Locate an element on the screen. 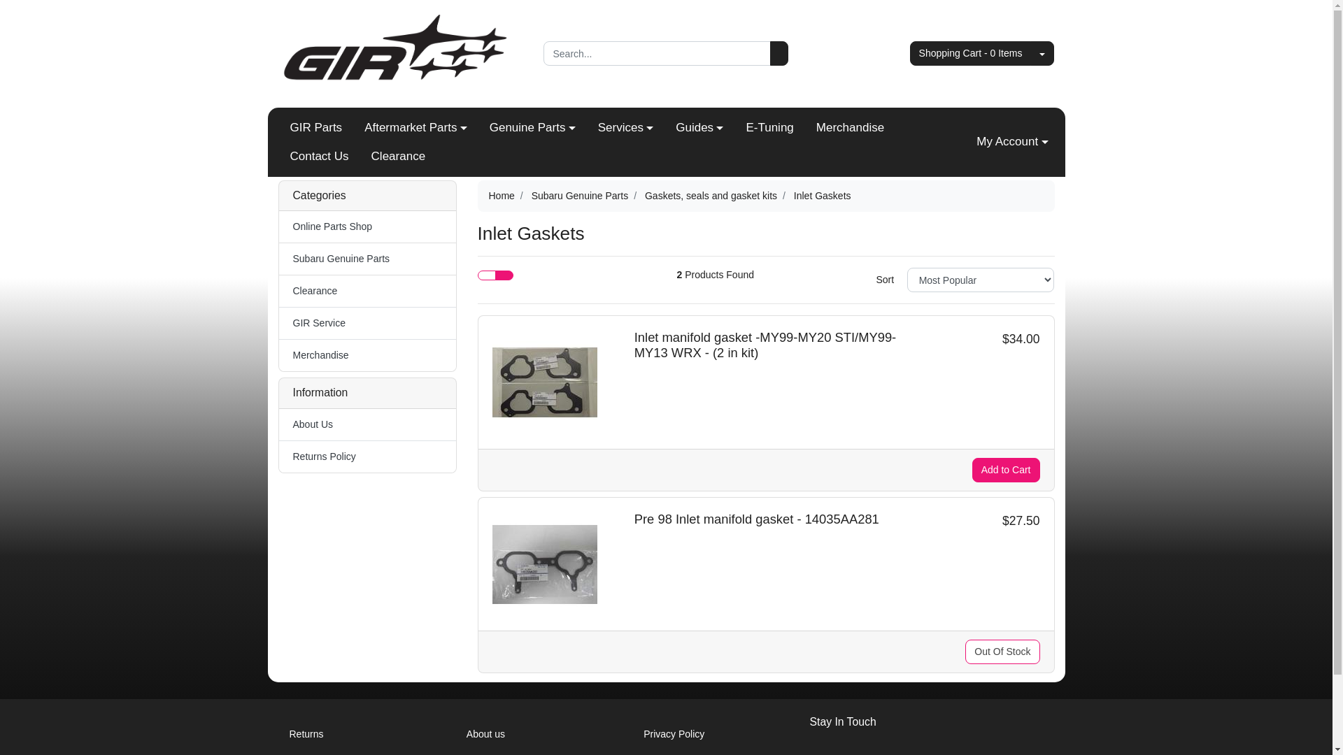 The height and width of the screenshot is (755, 1343). 'Merchandise' is located at coordinates (849, 127).